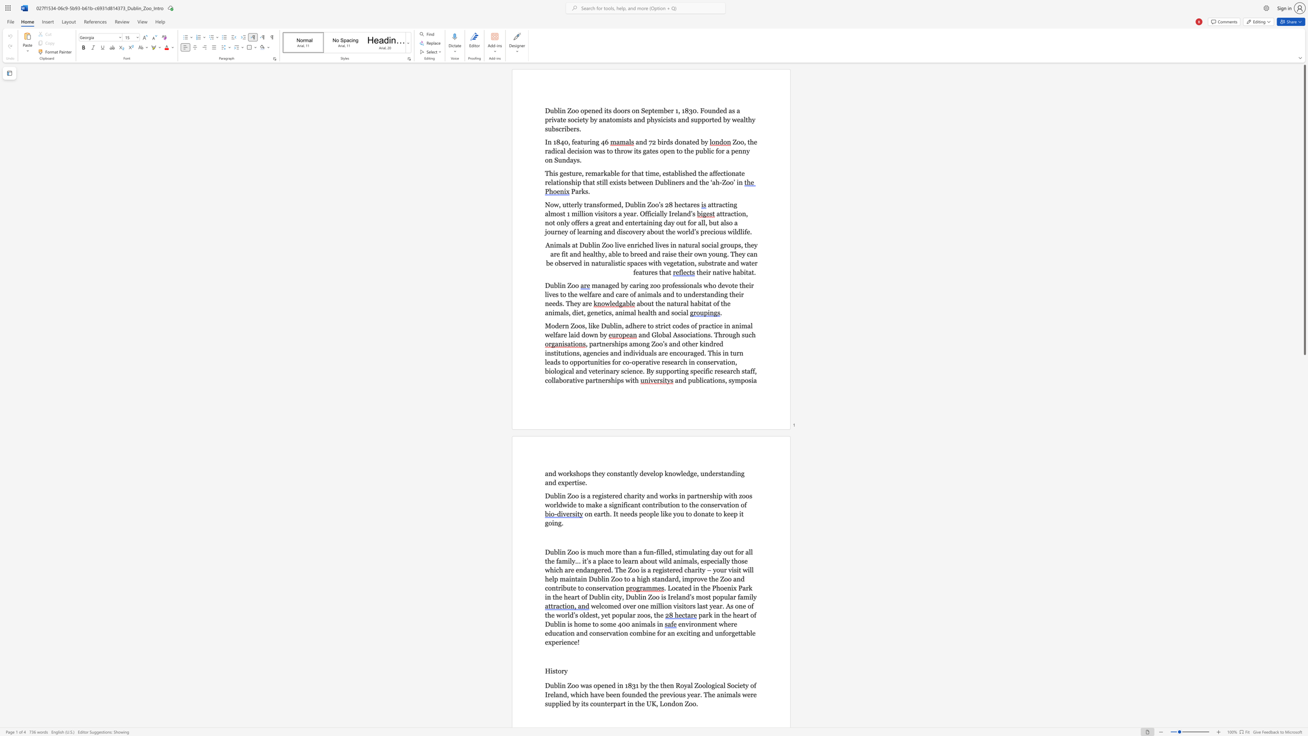 This screenshot has width=1308, height=736. Describe the element at coordinates (694, 173) in the screenshot. I see `the 1th character "d" in the text` at that location.